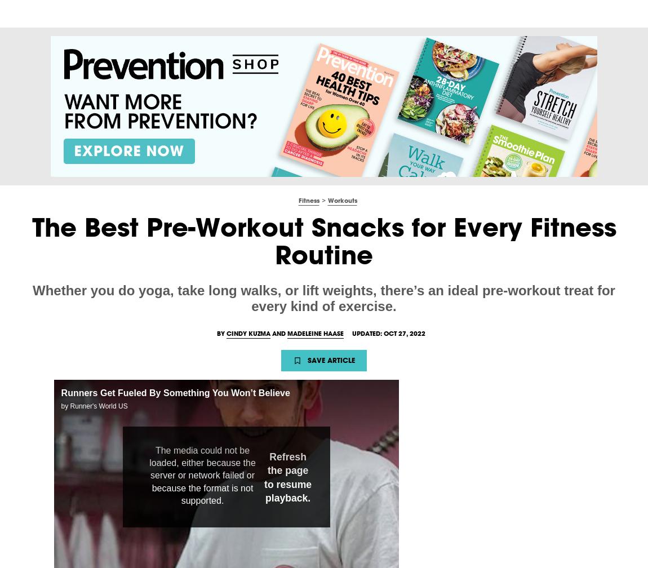  Describe the element at coordinates (324, 358) in the screenshot. I see `'Advertisement - Continue Reading Below'` at that location.